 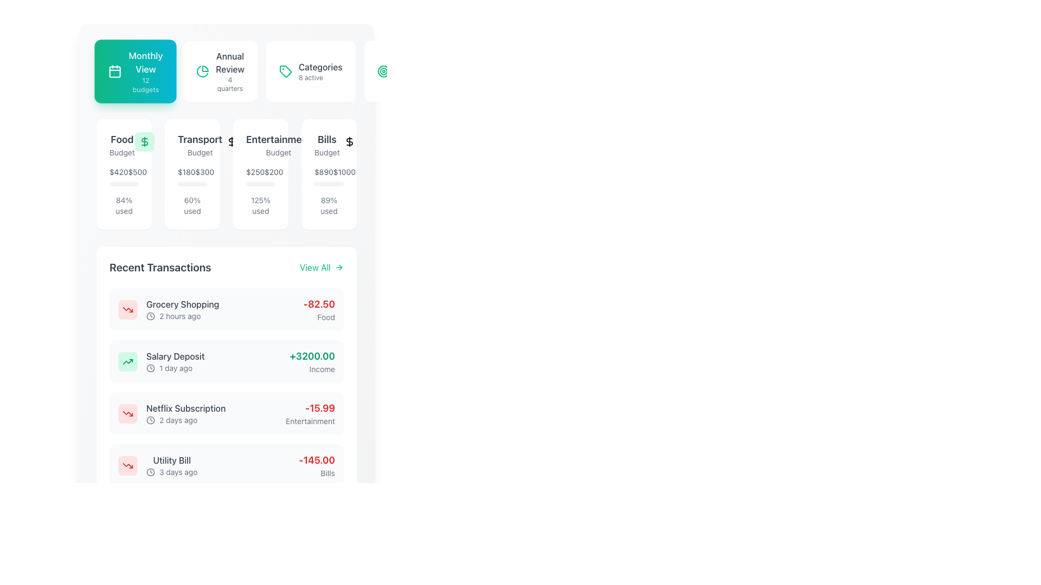 What do you see at coordinates (323, 171) in the screenshot?
I see `the static text label representing the monetary value for 'Bills', which displays the value '$1000'` at bounding box center [323, 171].